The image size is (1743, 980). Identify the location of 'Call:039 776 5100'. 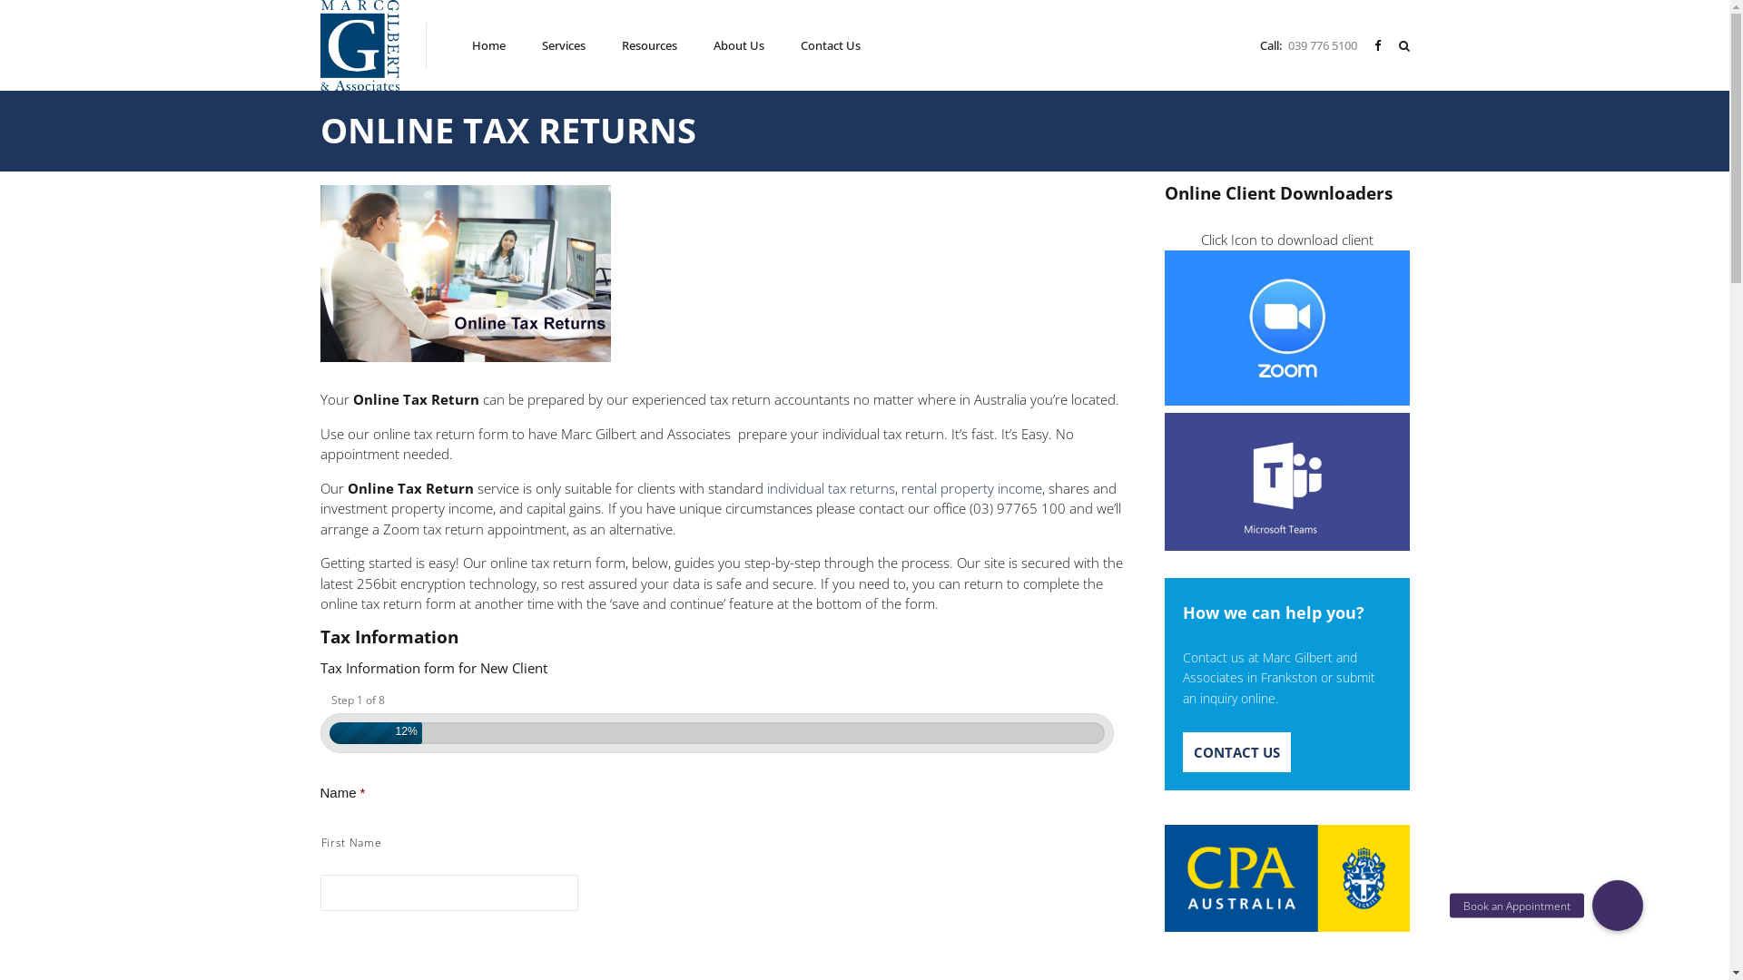
(1311, 44).